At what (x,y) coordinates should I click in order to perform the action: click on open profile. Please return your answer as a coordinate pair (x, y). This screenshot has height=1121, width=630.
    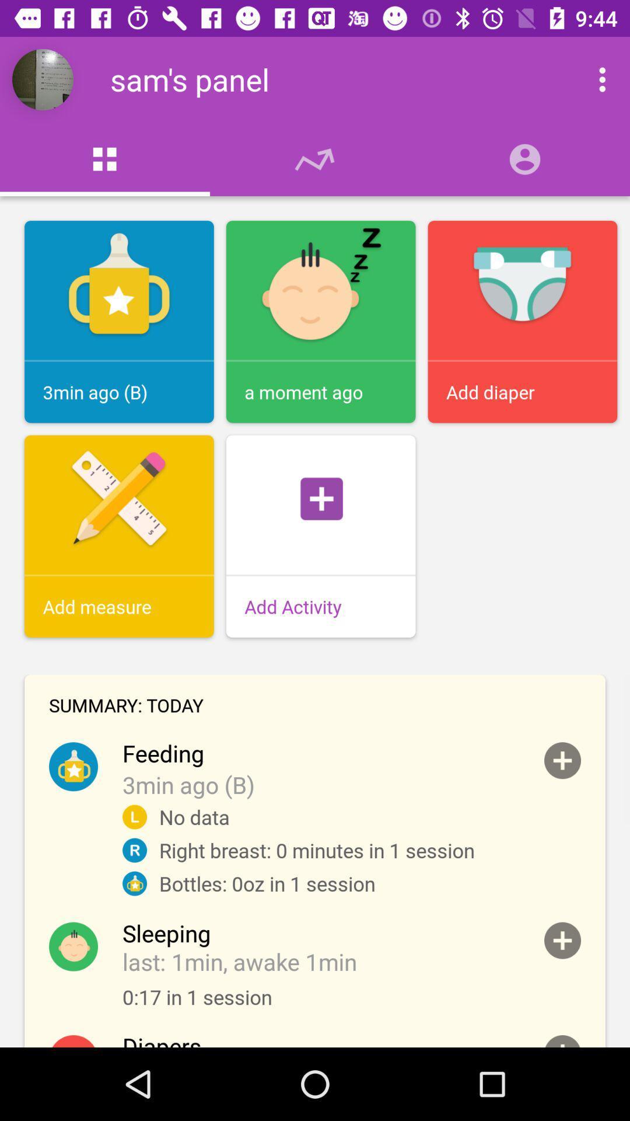
    Looking at the image, I should click on (562, 760).